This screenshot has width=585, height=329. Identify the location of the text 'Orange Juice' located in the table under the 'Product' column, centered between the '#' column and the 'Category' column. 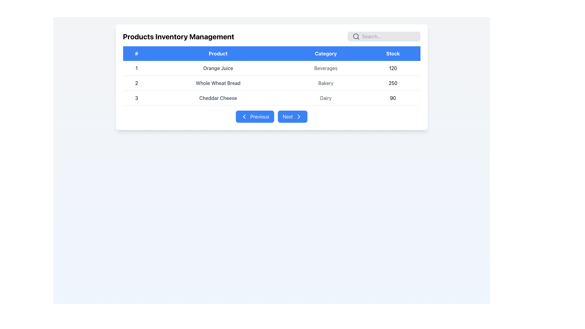
(218, 68).